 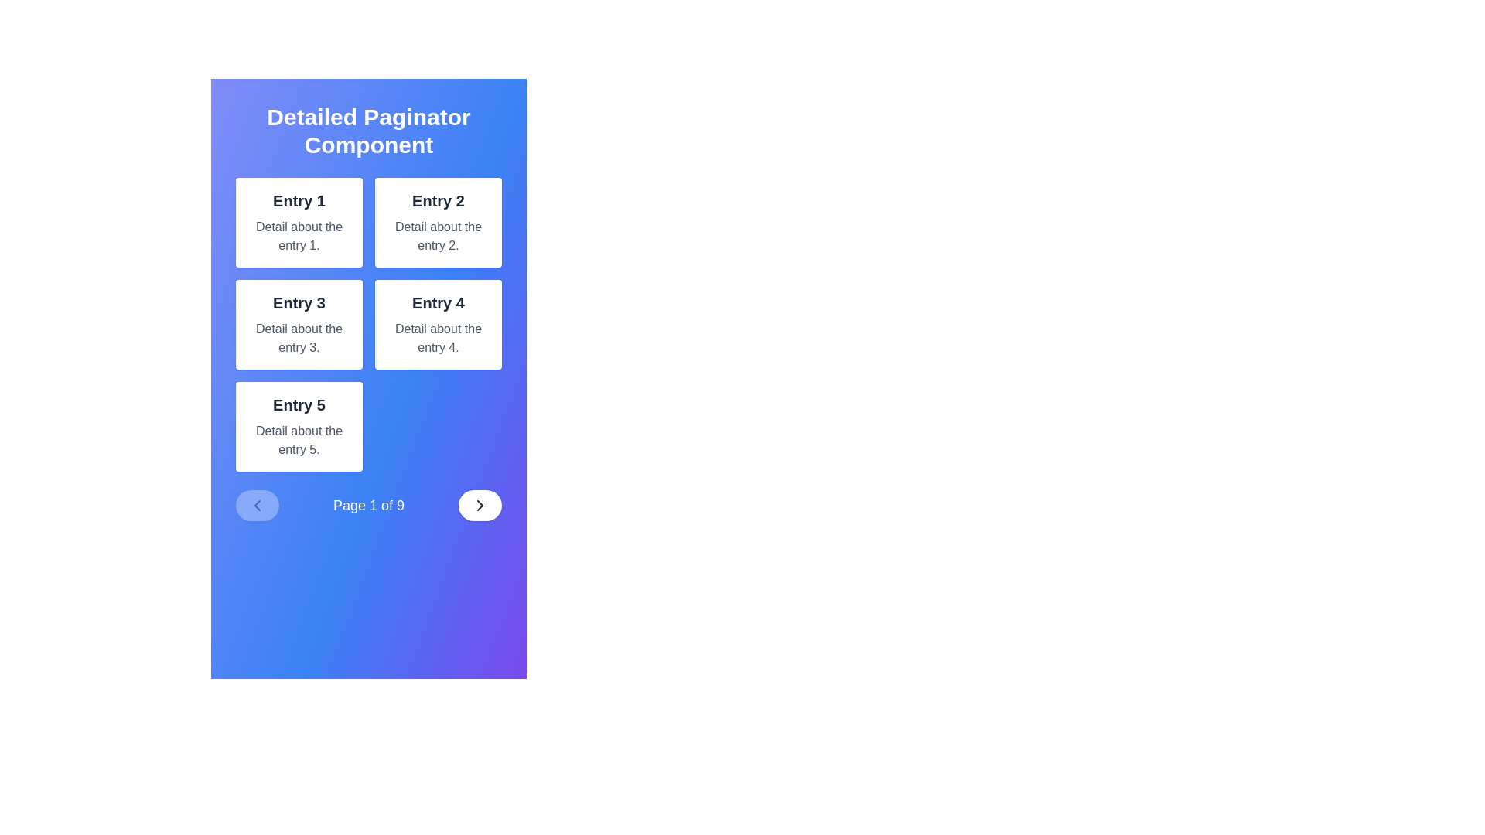 I want to click on the text label located at the top-left corner of the white card in the second column of the first row within a 2x3 grid layout to read its content, so click(x=437, y=199).